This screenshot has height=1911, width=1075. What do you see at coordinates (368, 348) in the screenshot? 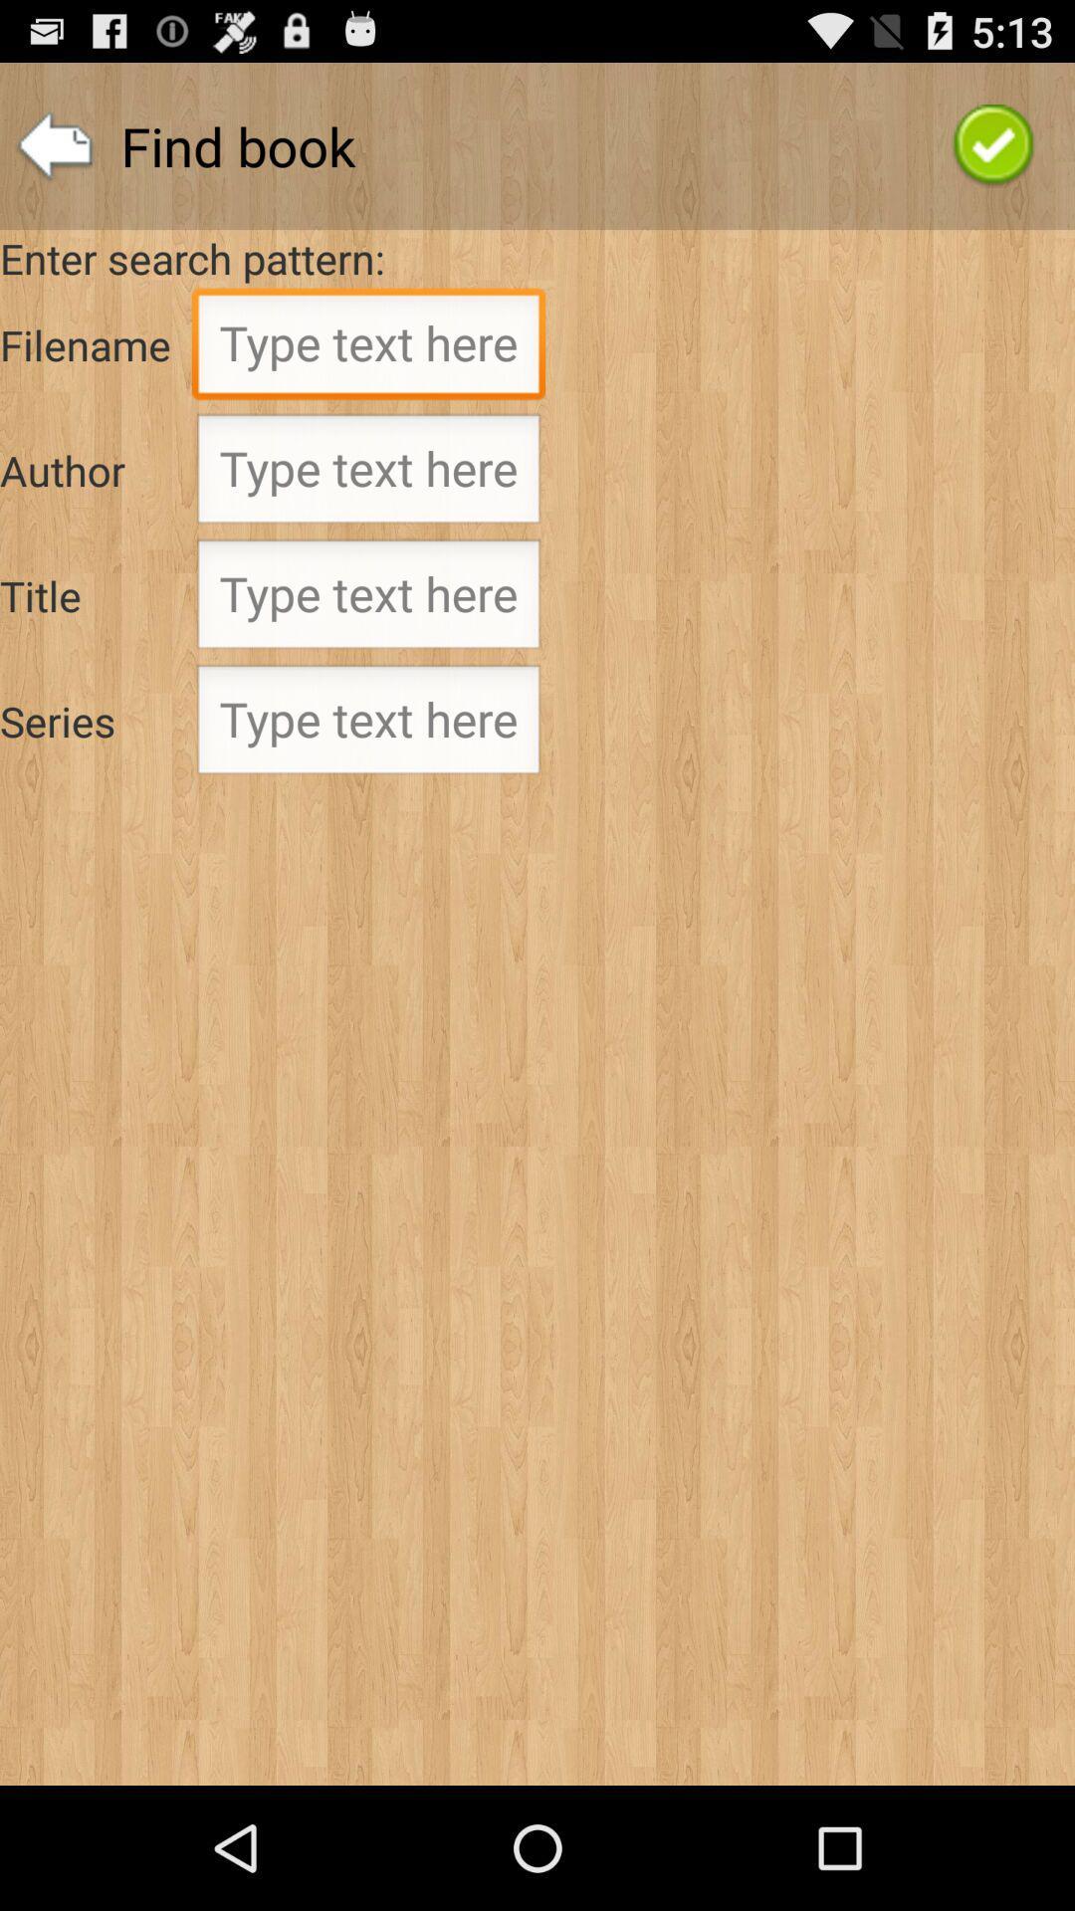
I see `filename` at bounding box center [368, 348].